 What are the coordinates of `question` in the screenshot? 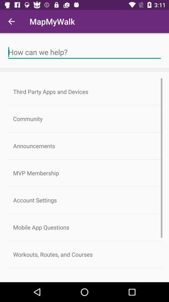 It's located at (84, 52).